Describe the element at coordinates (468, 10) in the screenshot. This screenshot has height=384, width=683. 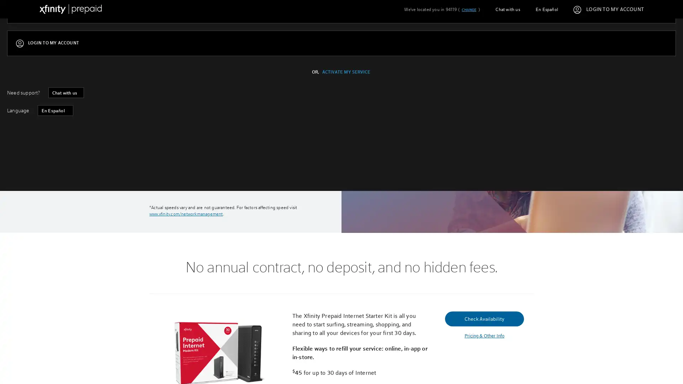
I see `CHANGE` at that location.